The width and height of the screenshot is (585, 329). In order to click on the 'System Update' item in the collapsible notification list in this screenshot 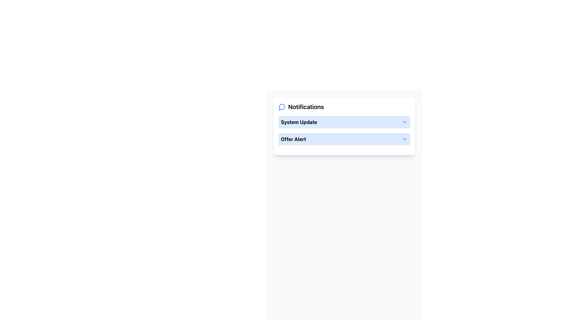, I will do `click(344, 130)`.